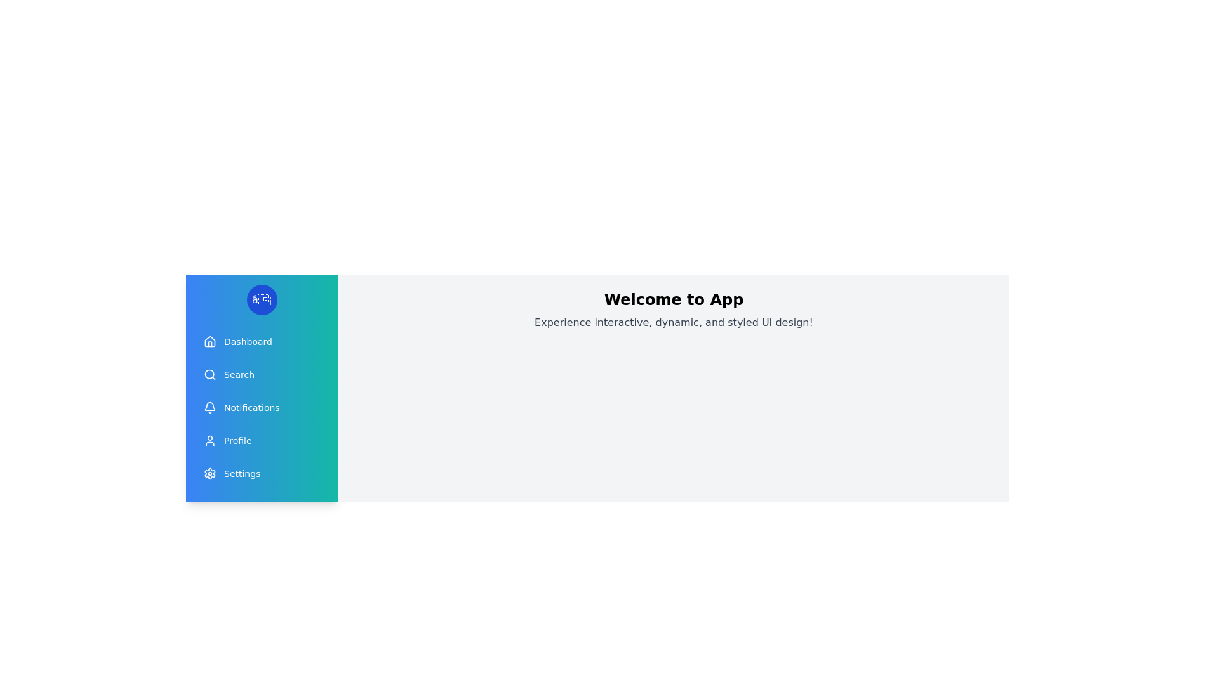  What do you see at coordinates (261, 474) in the screenshot?
I see `the menu item Settings to observe its hover effect` at bounding box center [261, 474].